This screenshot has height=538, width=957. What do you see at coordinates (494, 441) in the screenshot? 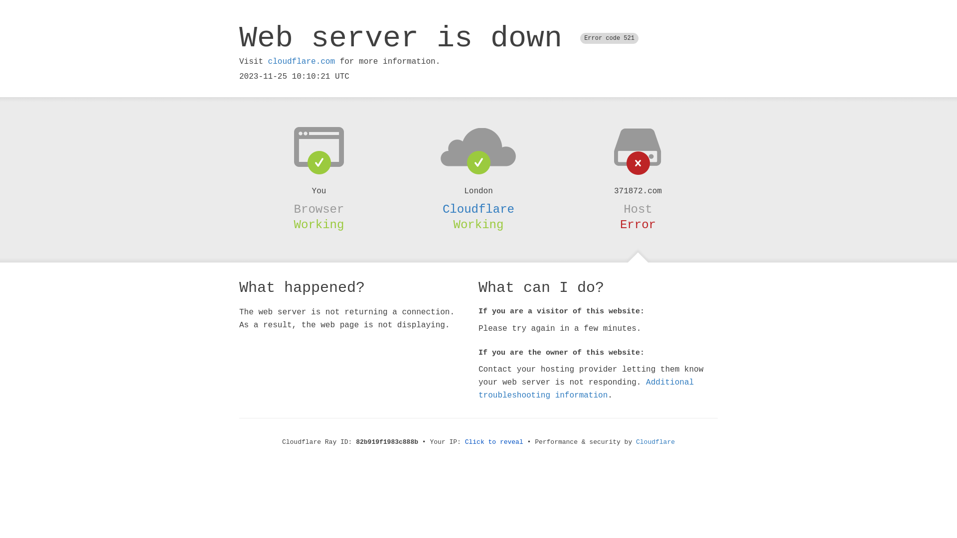
I see `'Click to reveal'` at bounding box center [494, 441].